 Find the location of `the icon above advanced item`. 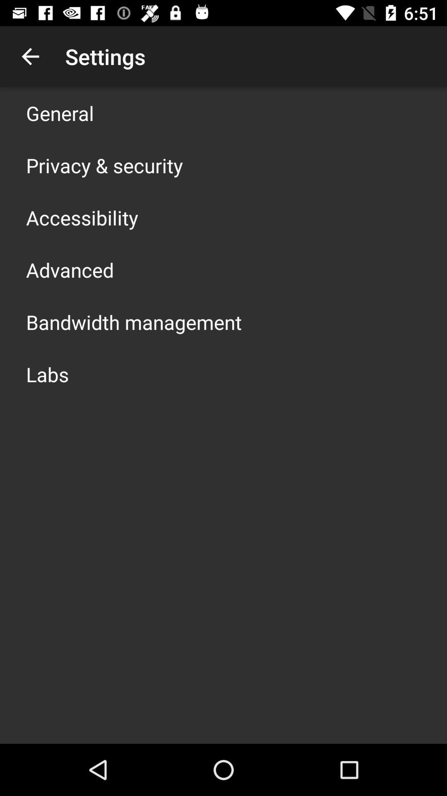

the icon above advanced item is located at coordinates (82, 217).